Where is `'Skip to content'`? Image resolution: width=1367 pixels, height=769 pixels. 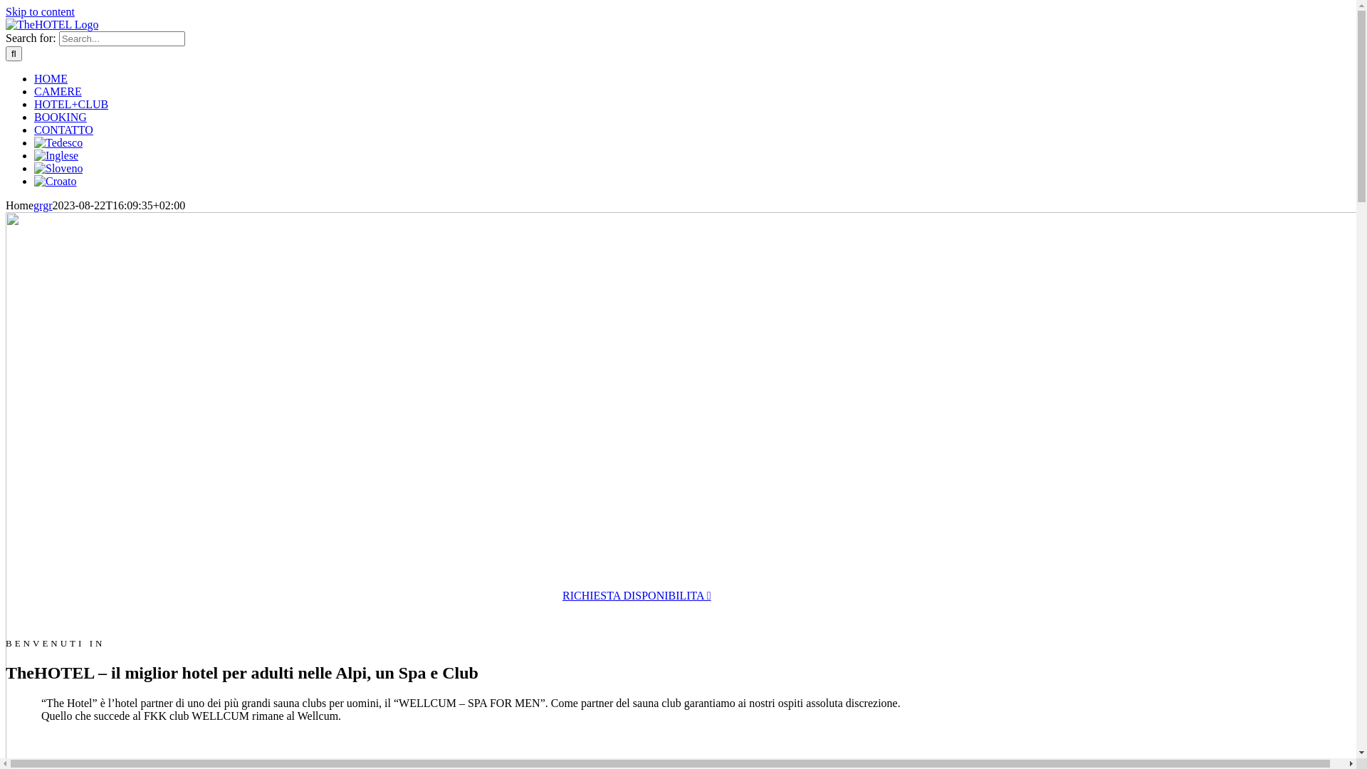 'Skip to content' is located at coordinates (6, 11).